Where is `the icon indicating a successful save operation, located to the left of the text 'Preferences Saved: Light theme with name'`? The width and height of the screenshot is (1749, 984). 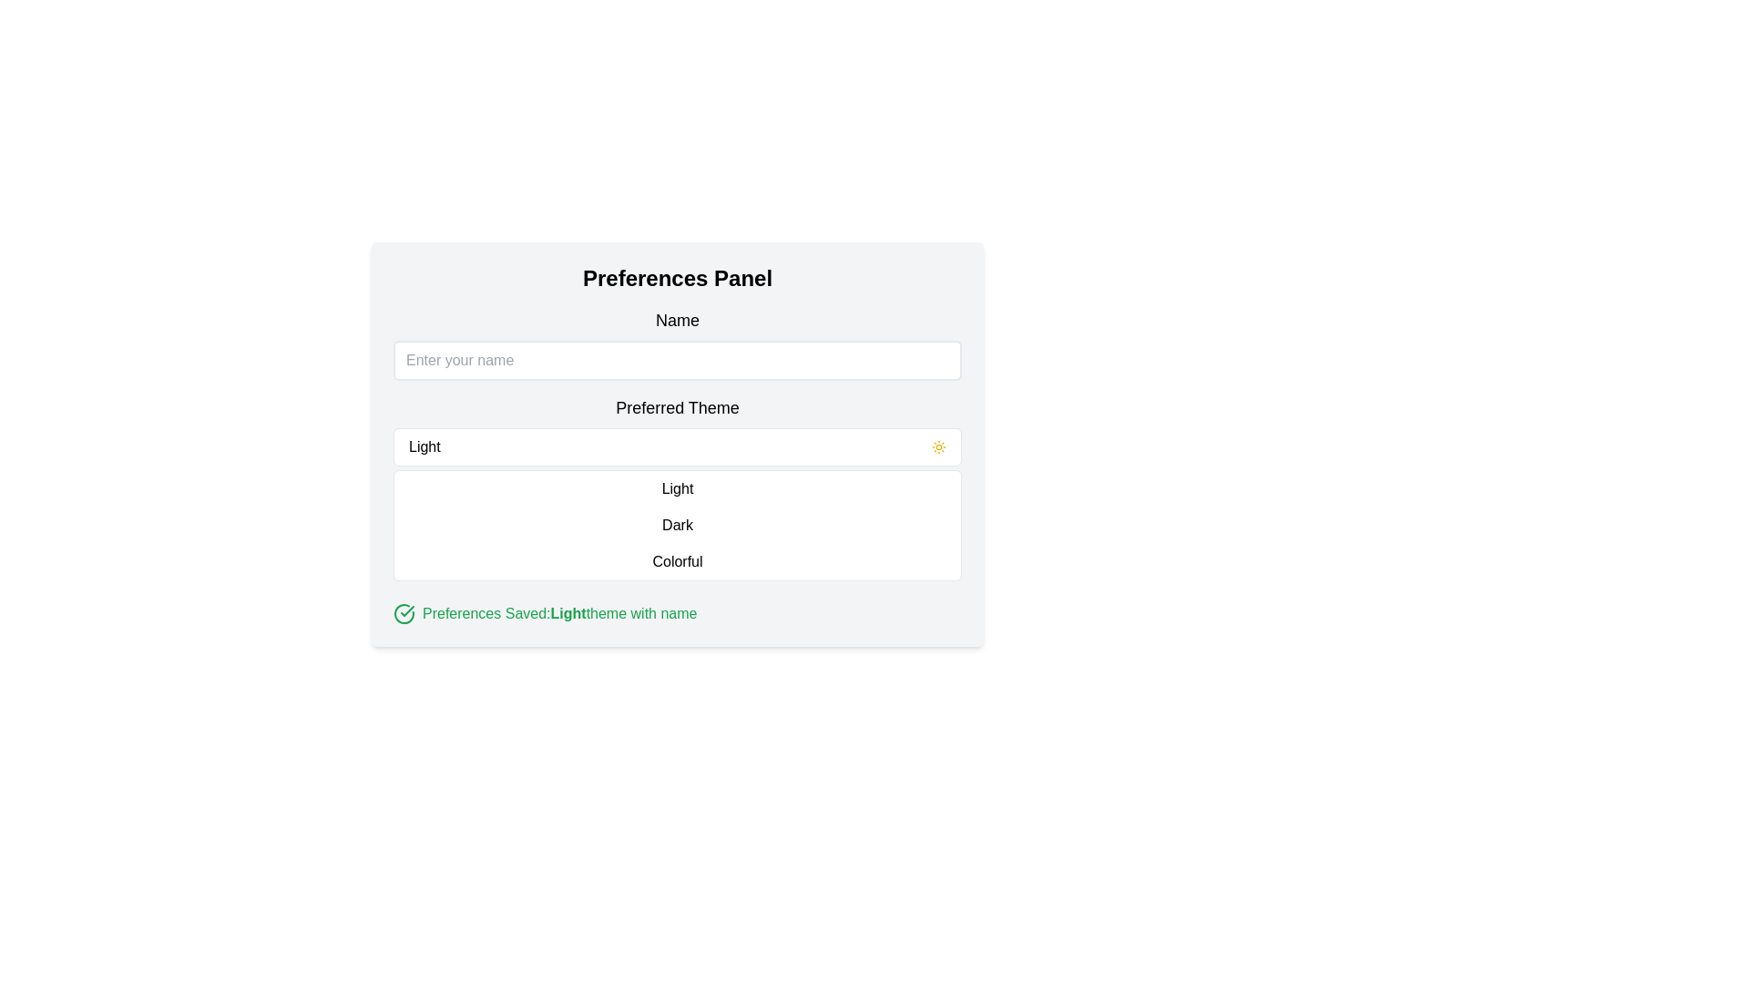
the icon indicating a successful save operation, located to the left of the text 'Preferences Saved: Light theme with name' is located at coordinates (404, 614).